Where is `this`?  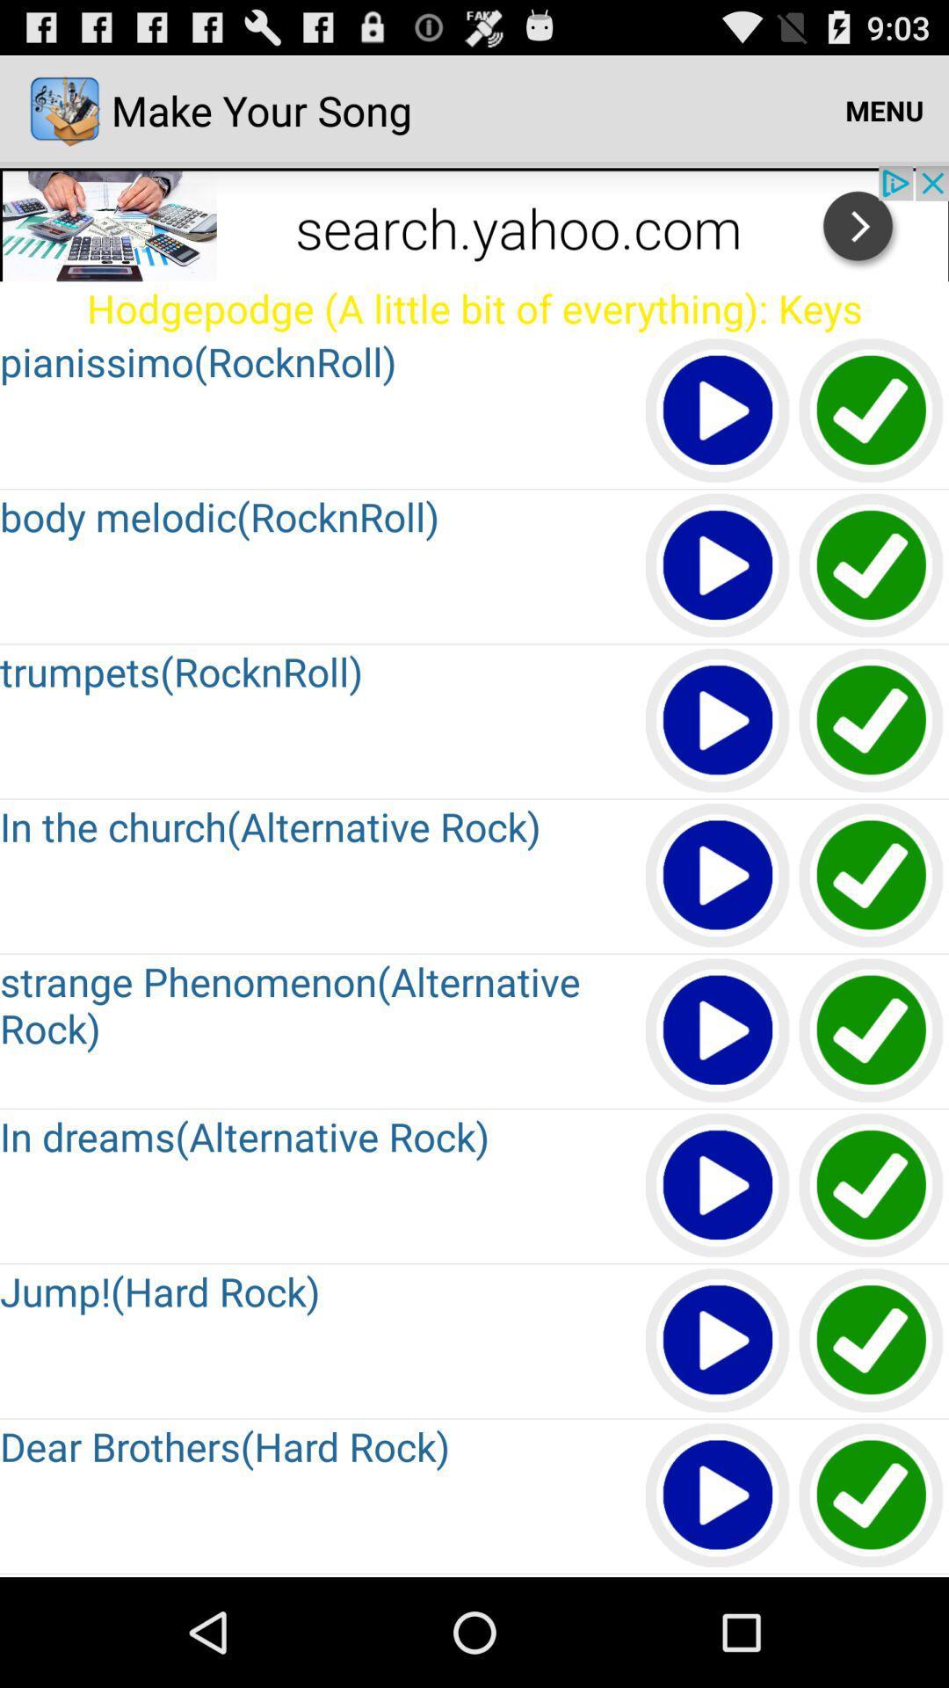 this is located at coordinates (718, 1031).